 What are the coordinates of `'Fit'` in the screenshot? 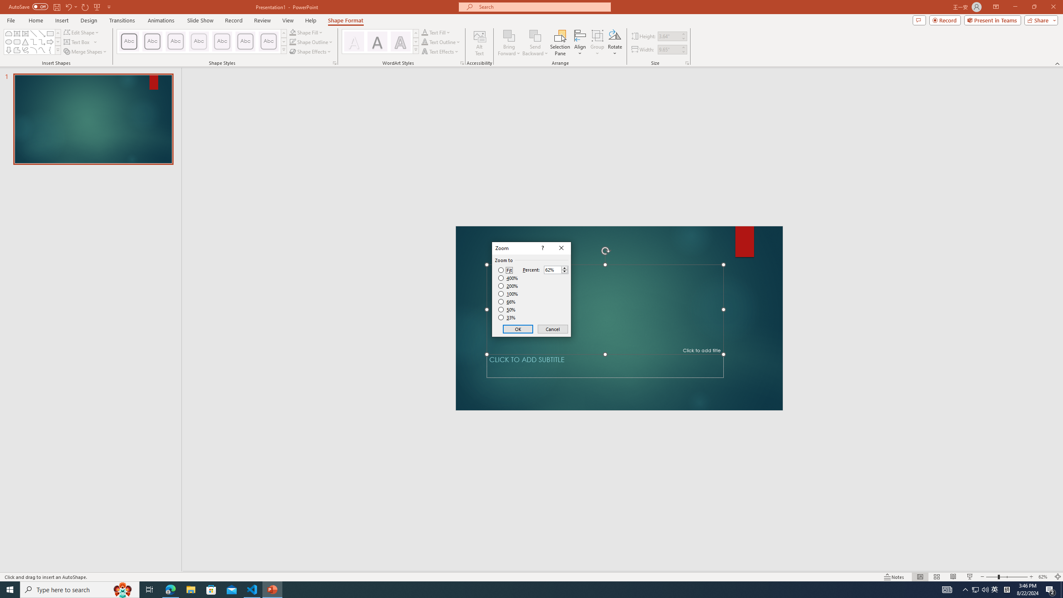 It's located at (505, 270).